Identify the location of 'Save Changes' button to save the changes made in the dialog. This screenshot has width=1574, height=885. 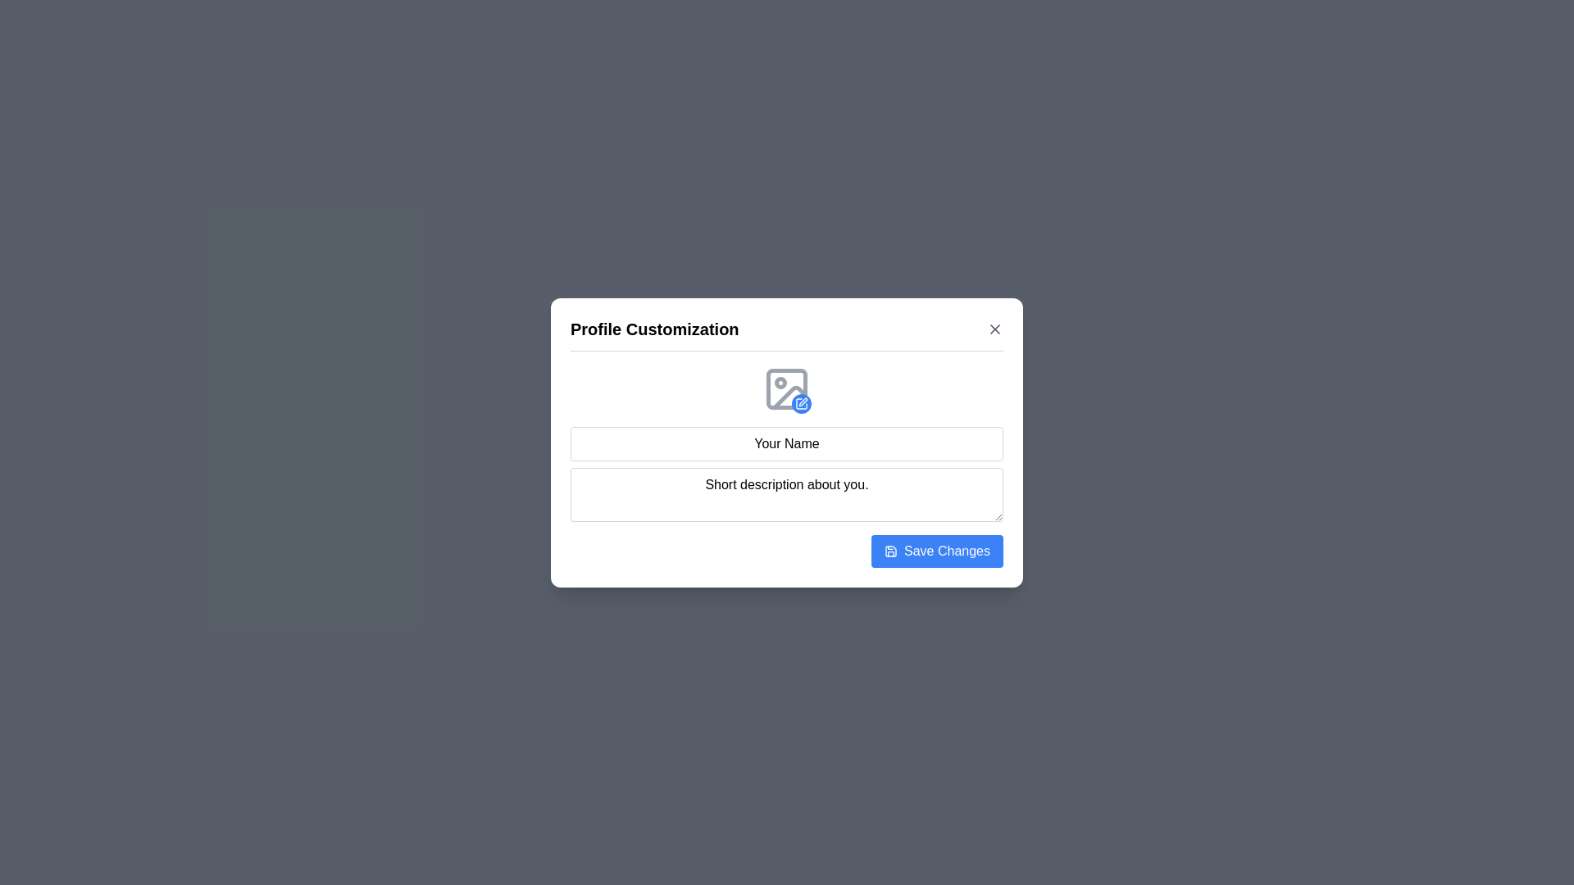
(937, 551).